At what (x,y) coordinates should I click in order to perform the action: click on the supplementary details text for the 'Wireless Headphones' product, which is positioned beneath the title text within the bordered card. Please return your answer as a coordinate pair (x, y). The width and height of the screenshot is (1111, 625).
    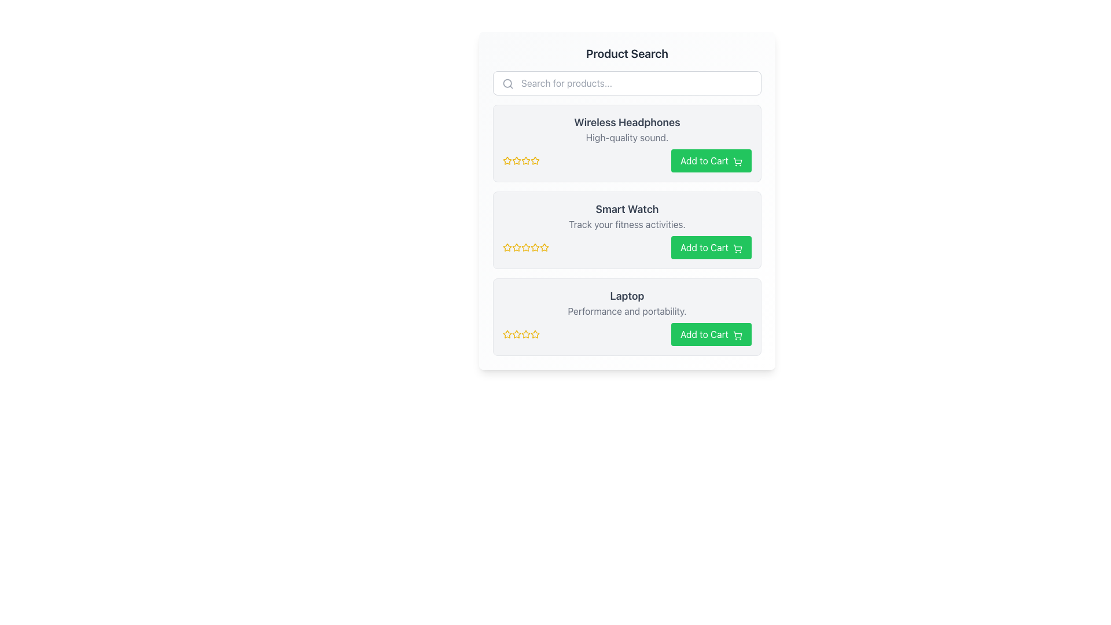
    Looking at the image, I should click on (627, 137).